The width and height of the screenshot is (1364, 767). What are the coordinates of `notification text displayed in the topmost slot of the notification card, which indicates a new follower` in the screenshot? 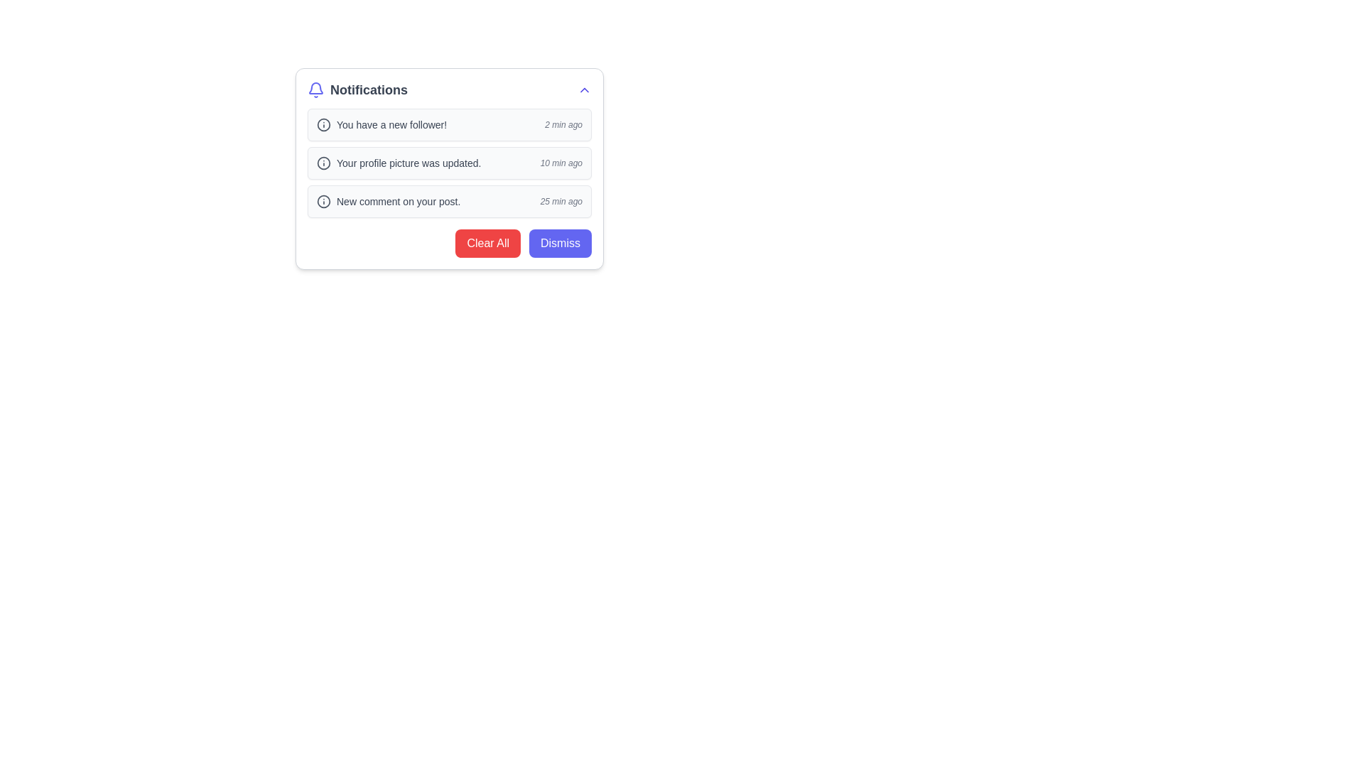 It's located at (391, 124).